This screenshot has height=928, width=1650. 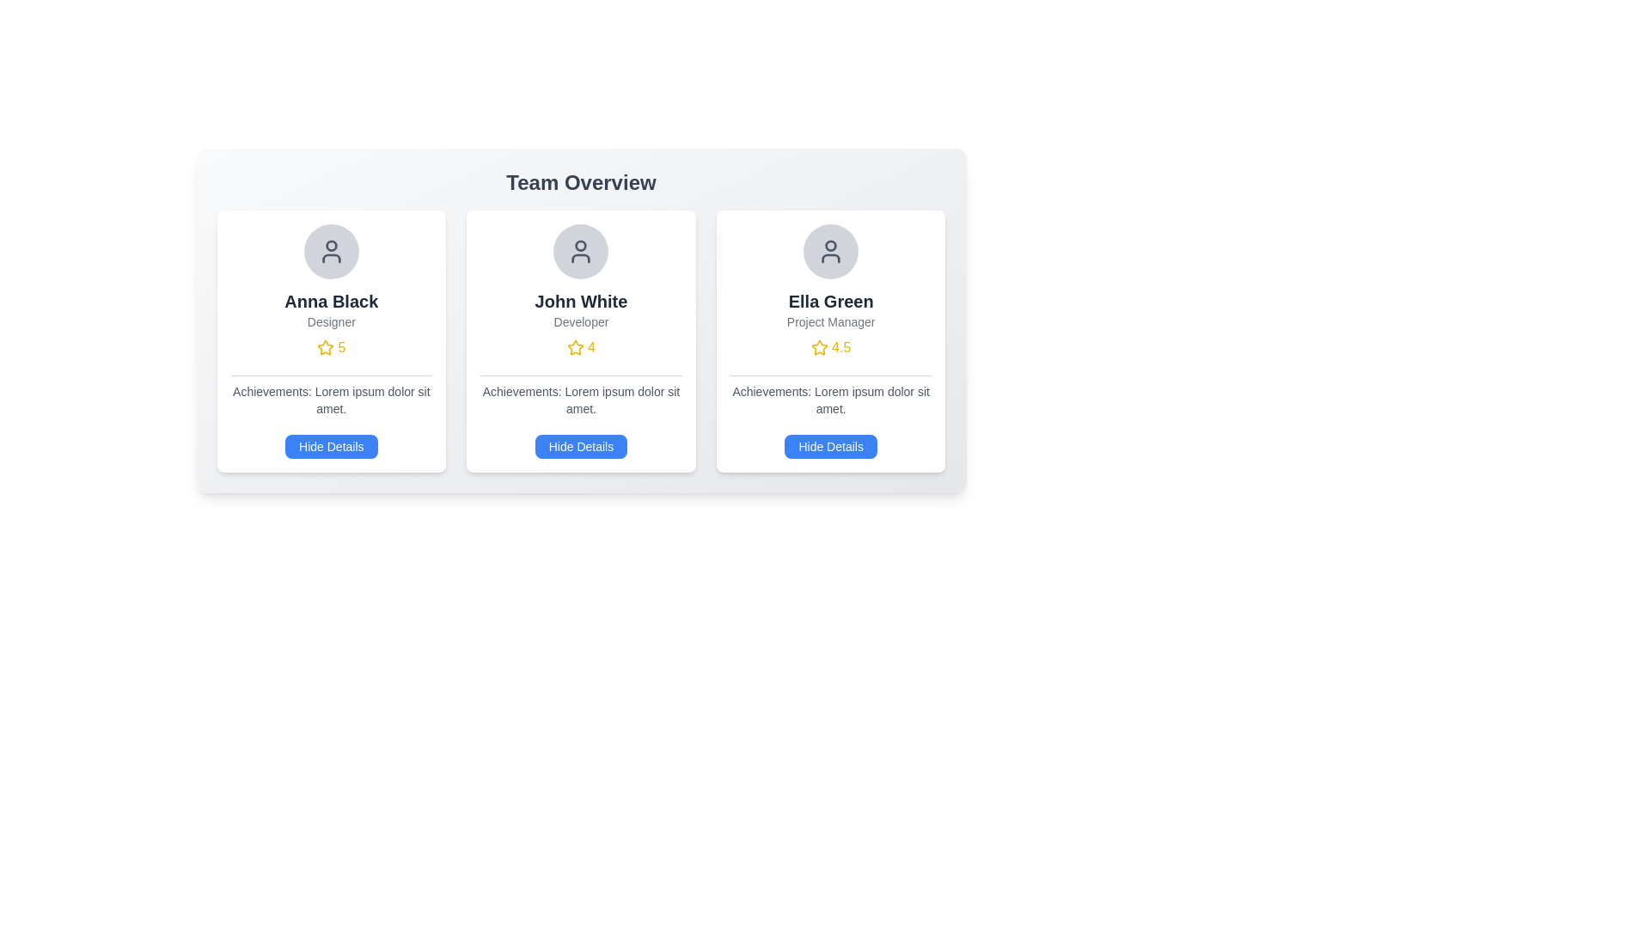 I want to click on the yellow star icon representing a rating system, located to the left of the numerical value '4' in the rating display for John White's card, so click(x=576, y=348).